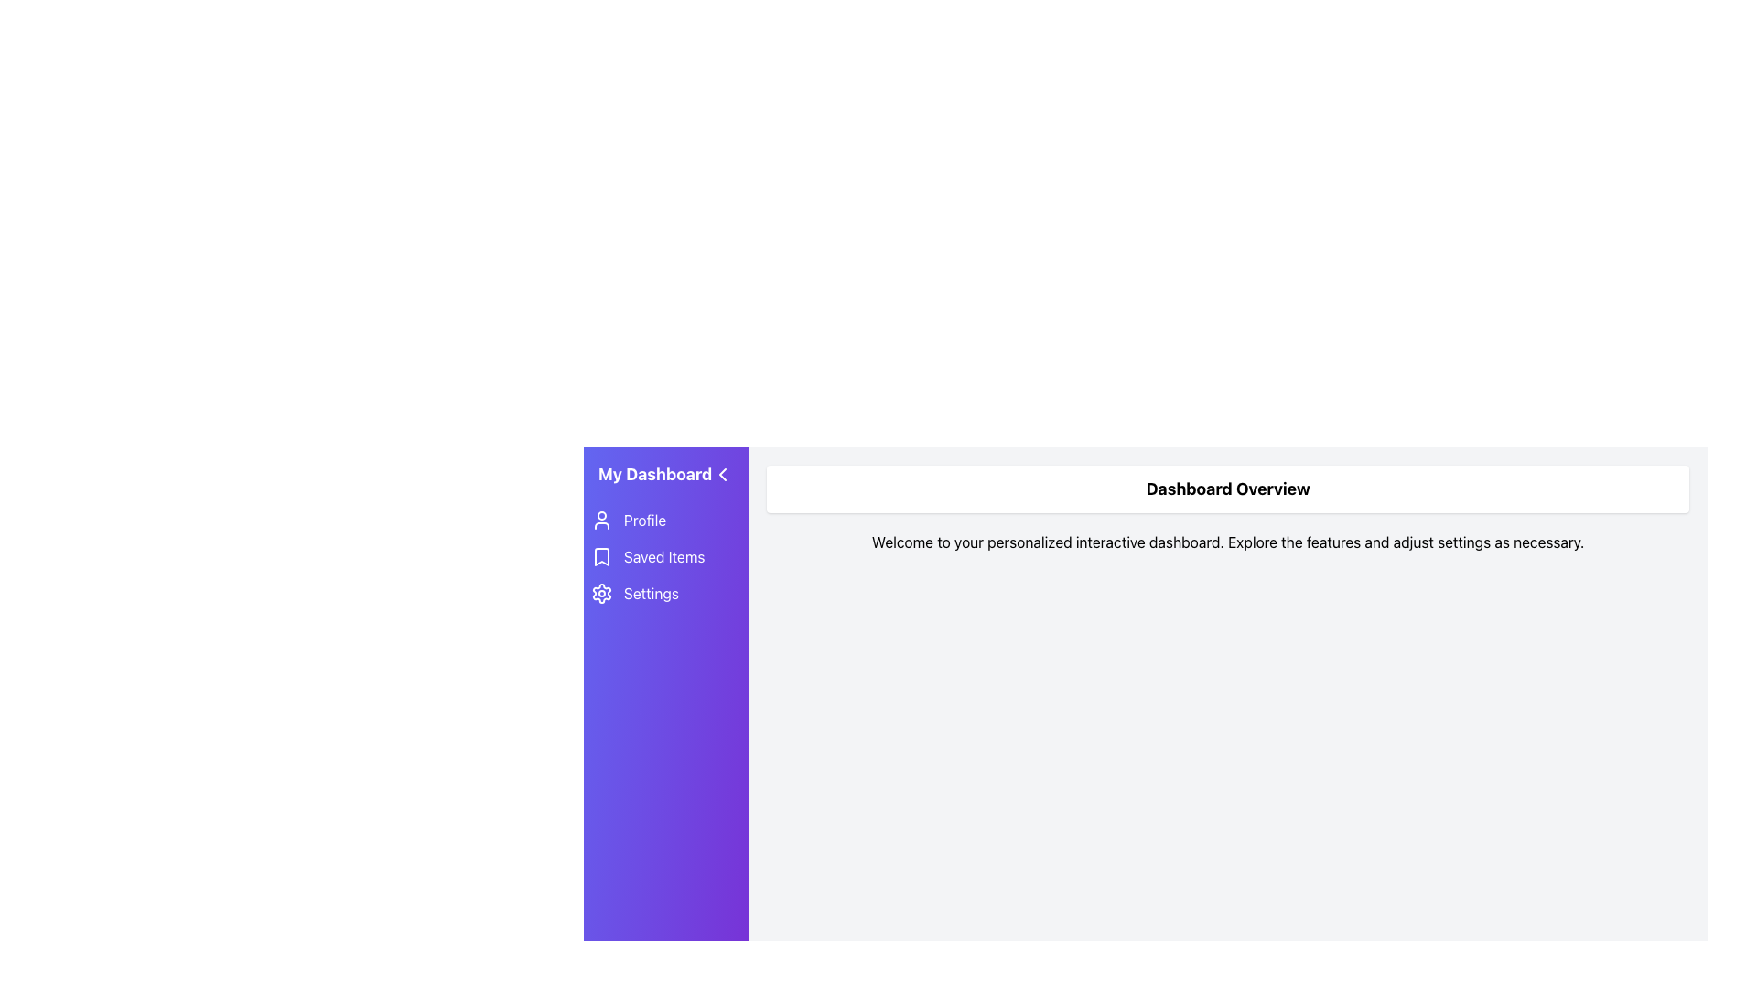 This screenshot has height=988, width=1757. Describe the element at coordinates (651, 593) in the screenshot. I see `text label for the settings menu option located in the sidebar, which is the third option in the menu list, identified by the gear-shaped icon to its left` at that location.